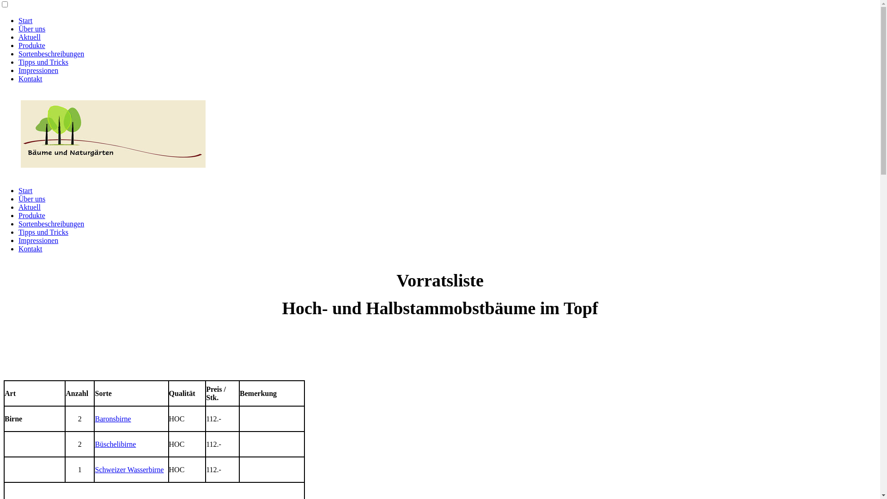 This screenshot has width=887, height=499. I want to click on 'Schweizer Wasserbirne', so click(128, 469).